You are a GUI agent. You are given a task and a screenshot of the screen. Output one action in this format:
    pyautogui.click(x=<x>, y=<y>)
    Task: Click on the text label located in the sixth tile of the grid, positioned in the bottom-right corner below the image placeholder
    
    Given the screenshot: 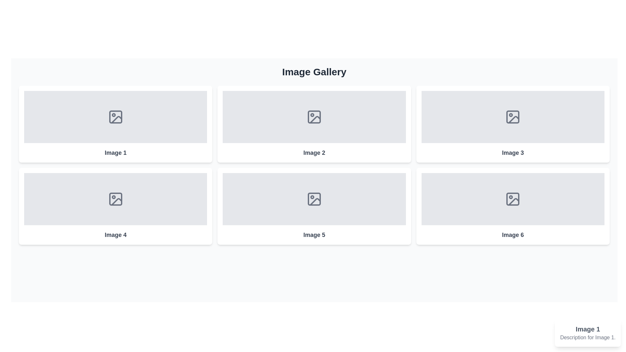 What is the action you would take?
    pyautogui.click(x=513, y=235)
    